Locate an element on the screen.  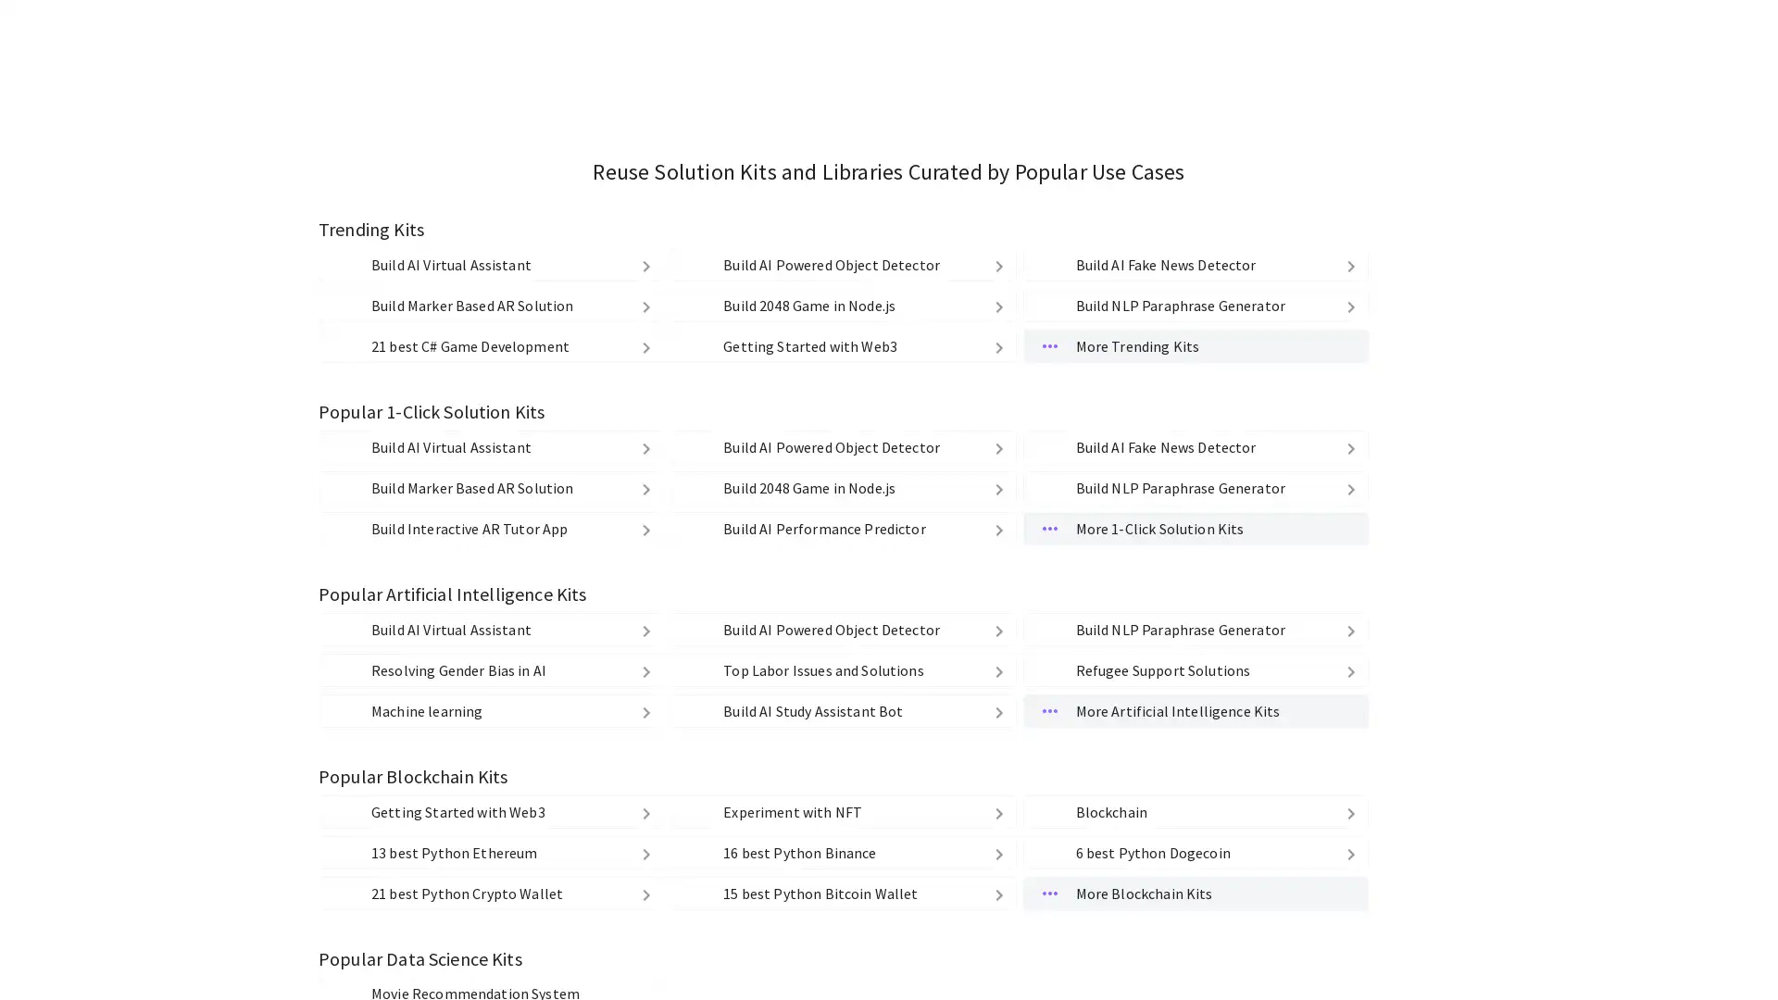
delete is located at coordinates (997, 812).